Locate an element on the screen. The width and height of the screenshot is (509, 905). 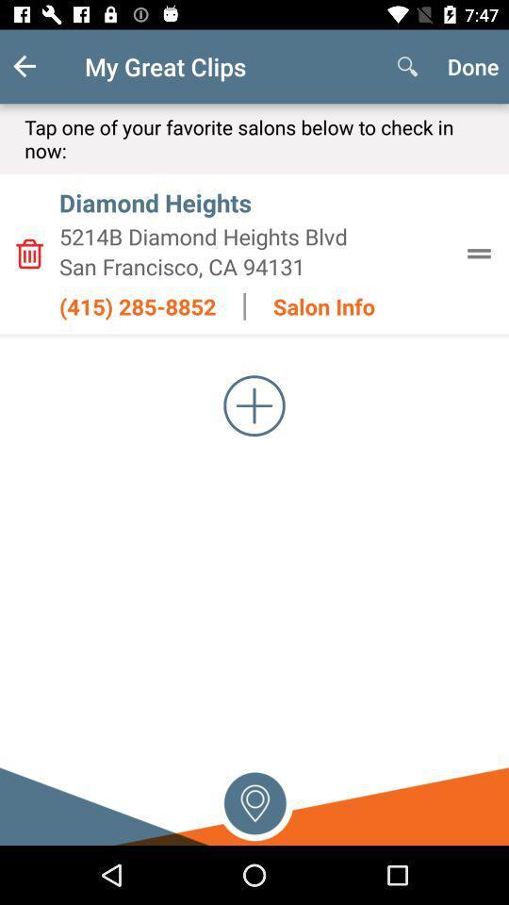
the icon below diamond heights is located at coordinates (254, 236).